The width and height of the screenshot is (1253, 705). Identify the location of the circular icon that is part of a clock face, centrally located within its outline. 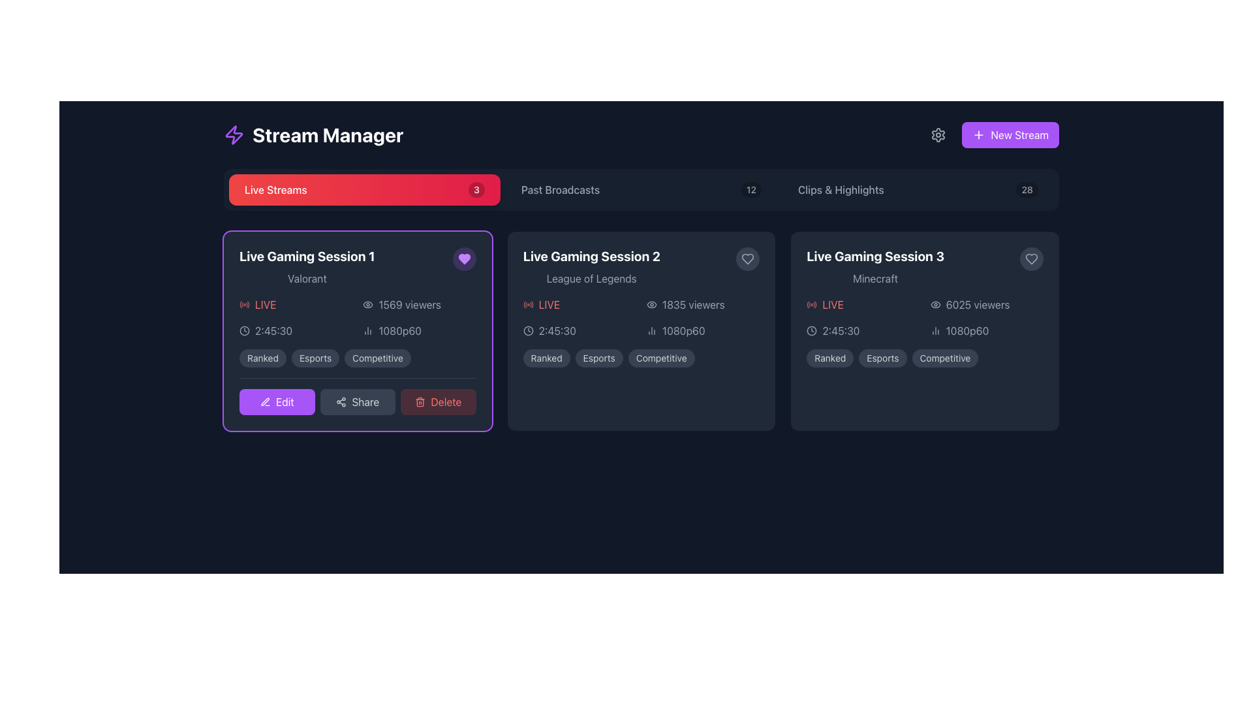
(244, 330).